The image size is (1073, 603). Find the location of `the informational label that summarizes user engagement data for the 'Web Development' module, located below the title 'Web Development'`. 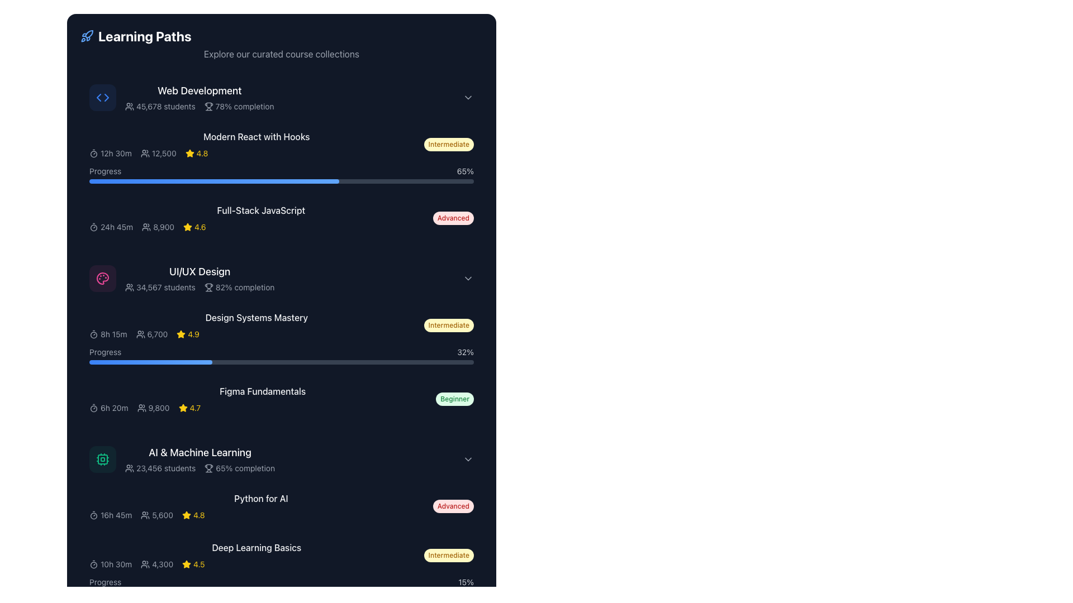

the informational label that summarizes user engagement data for the 'Web Development' module, located below the title 'Web Development' is located at coordinates (200, 107).